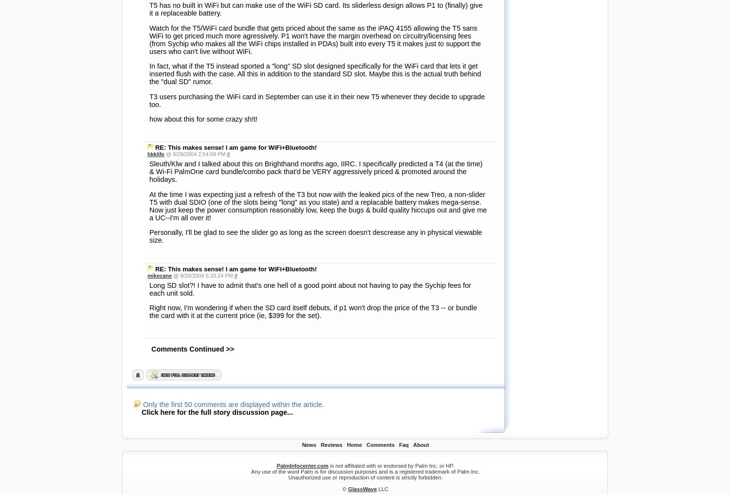  Describe the element at coordinates (193, 76) in the screenshot. I see `'Comments Continued >>'` at that location.